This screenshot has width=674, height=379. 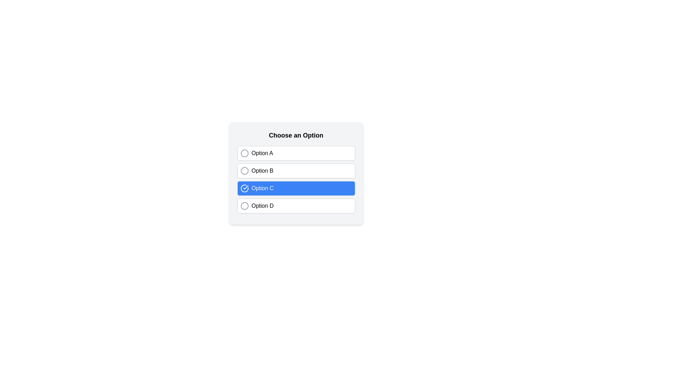 I want to click on the icon indicating that 'Option C' is selected, located to the left of the text label in the selection area, so click(x=244, y=188).